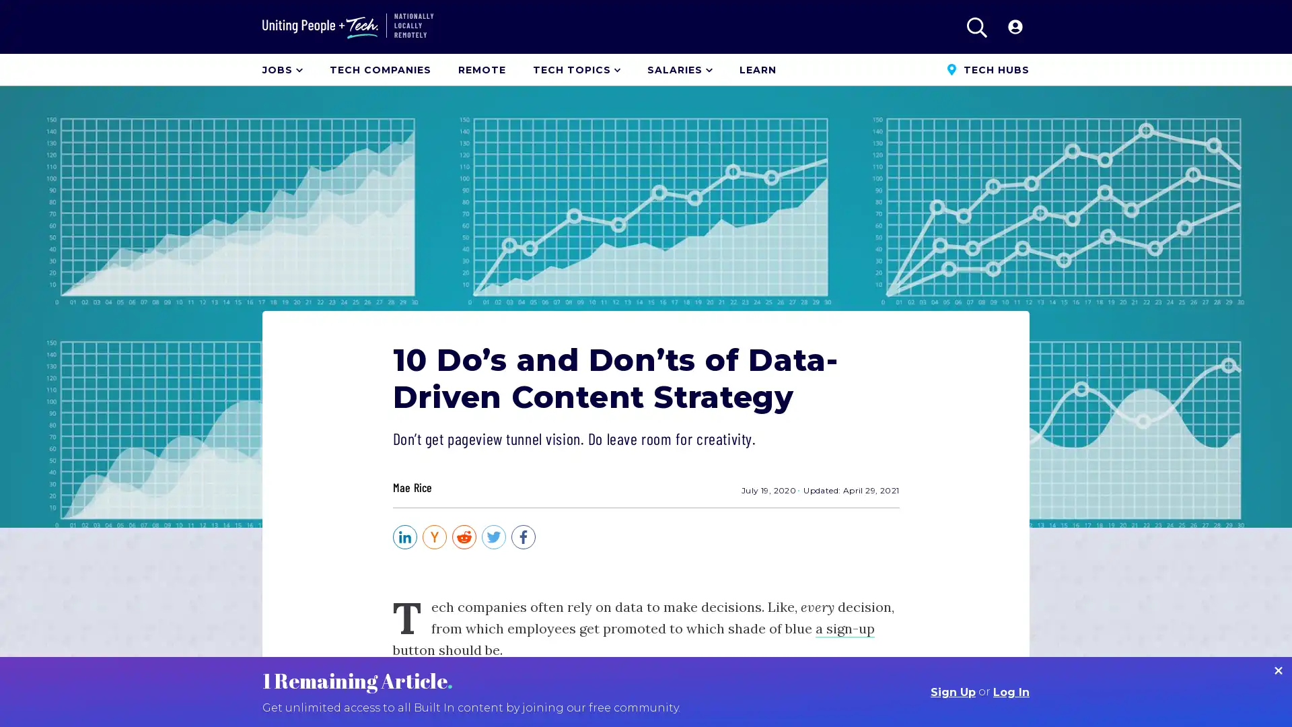 The image size is (1292, 727). I want to click on LOG IN, so click(1010, 26).